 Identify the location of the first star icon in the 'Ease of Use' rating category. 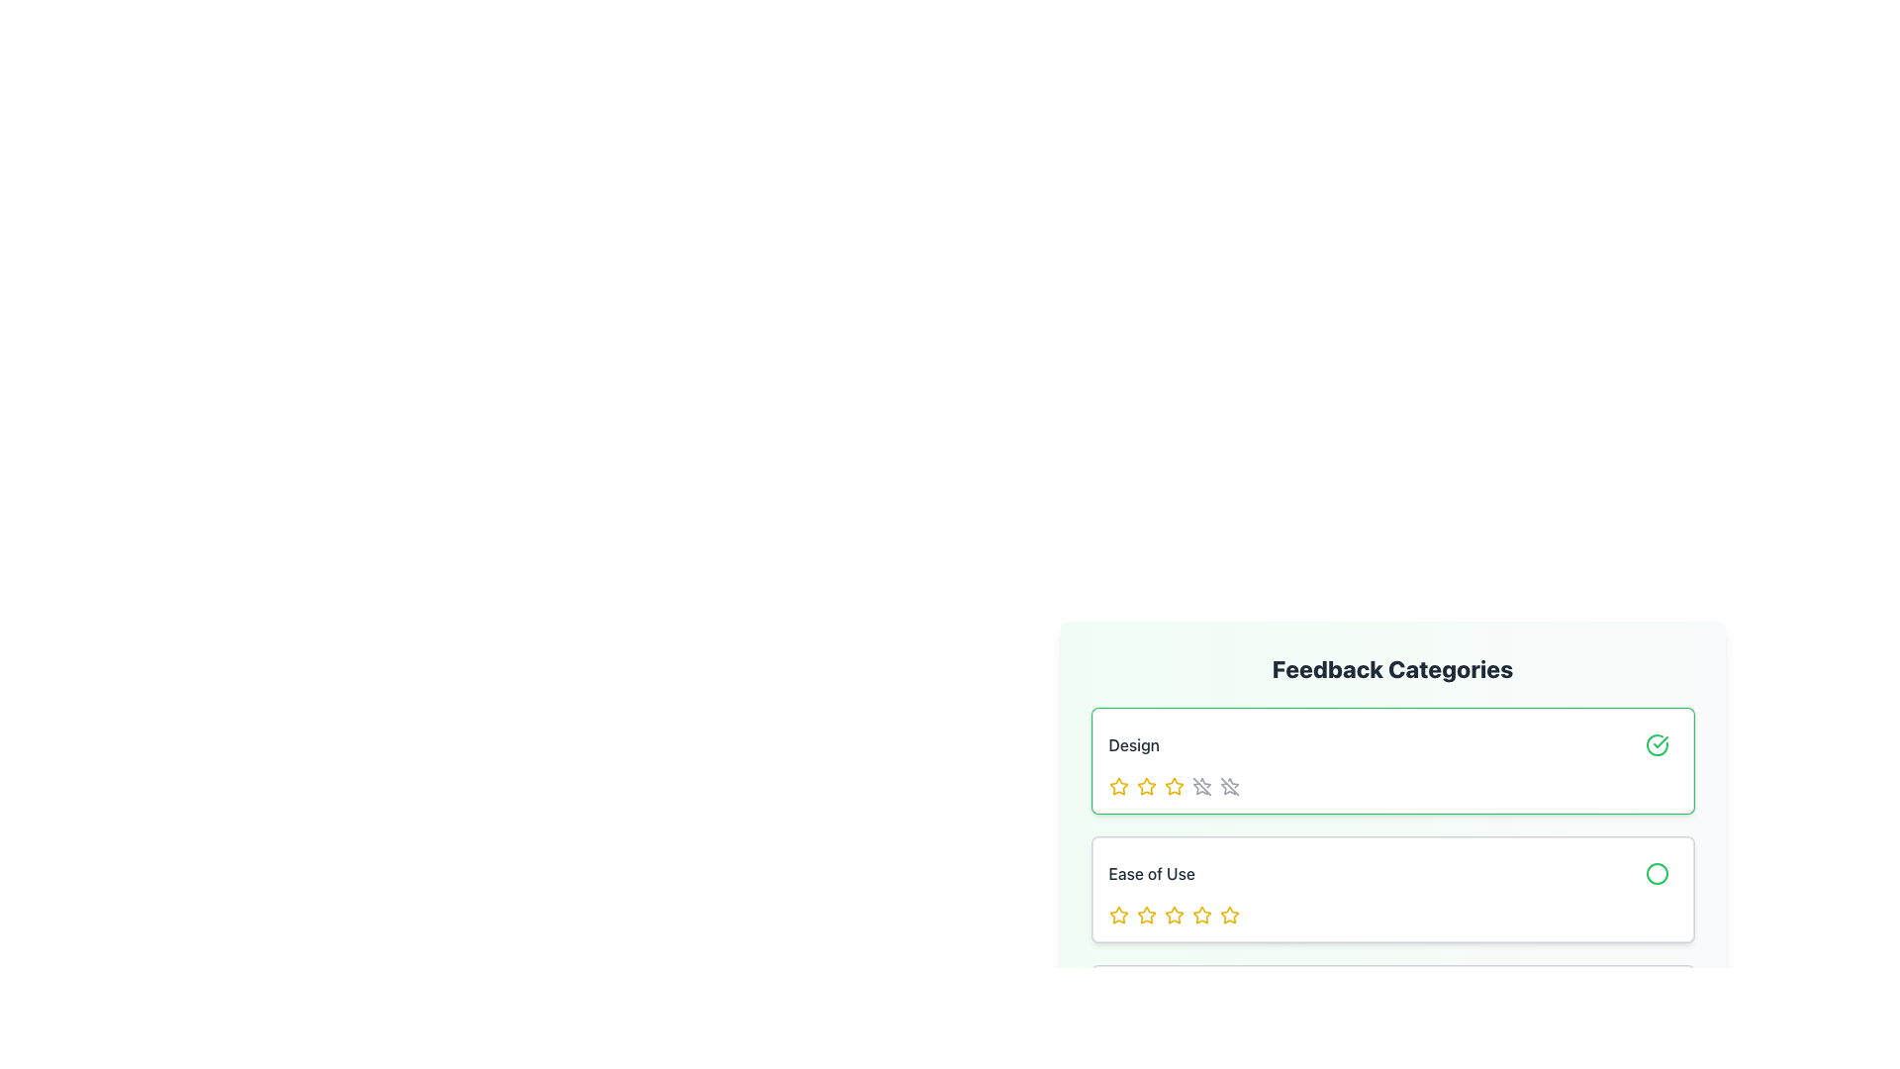
(1146, 915).